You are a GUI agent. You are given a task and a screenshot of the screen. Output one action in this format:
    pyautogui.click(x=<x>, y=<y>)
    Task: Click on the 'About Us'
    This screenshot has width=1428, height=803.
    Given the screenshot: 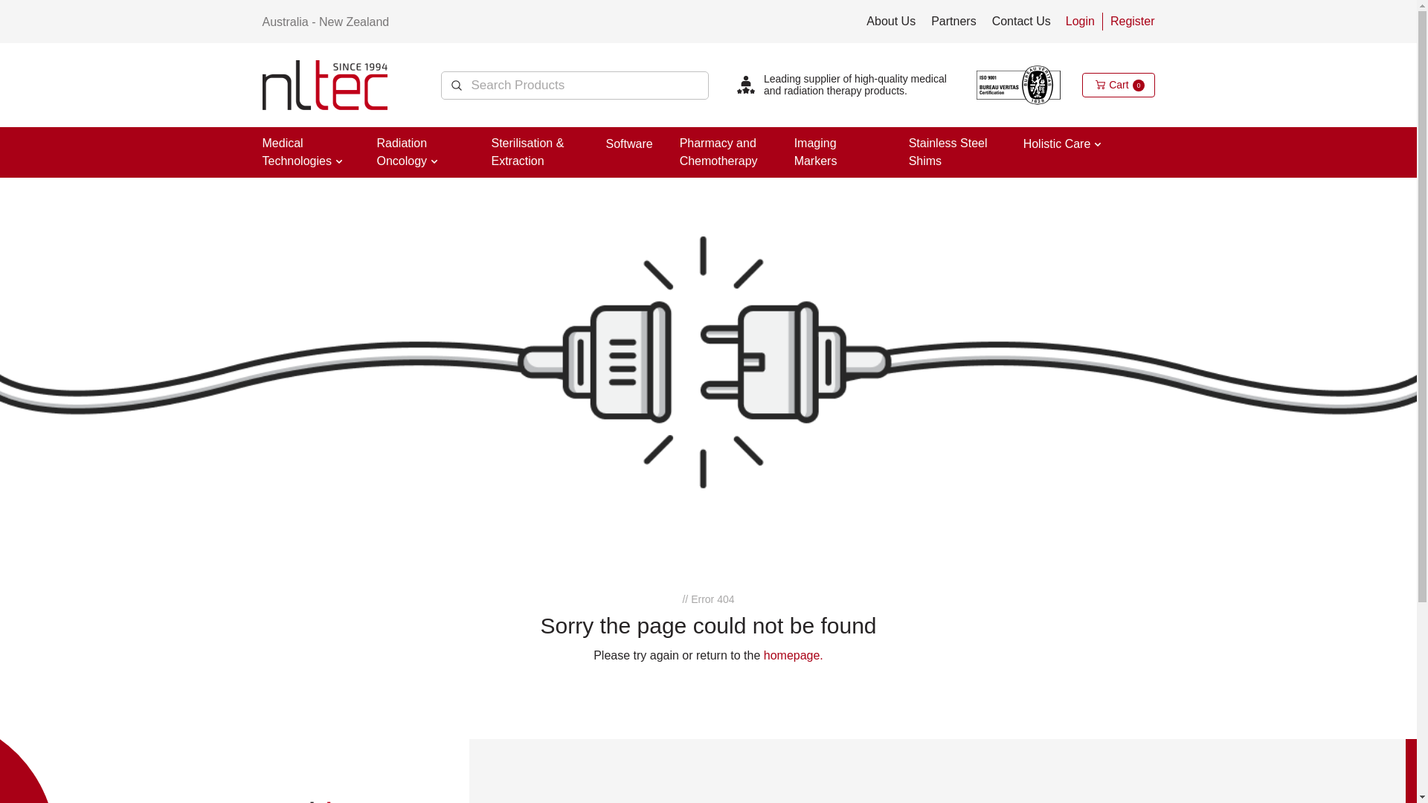 What is the action you would take?
    pyautogui.click(x=891, y=21)
    